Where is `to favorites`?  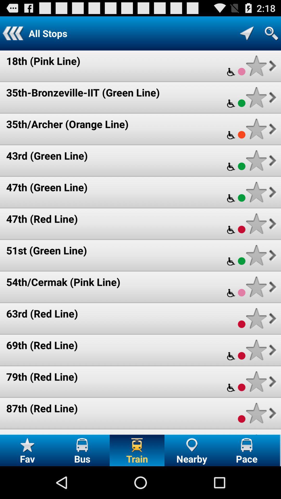
to favorites is located at coordinates (256, 318).